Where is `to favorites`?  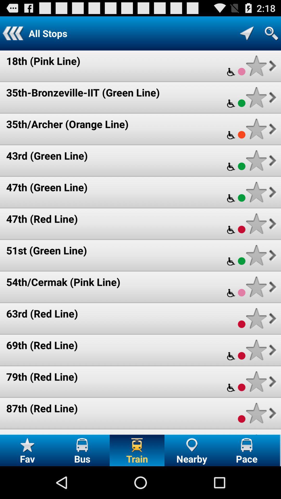
to favorites is located at coordinates (256, 318).